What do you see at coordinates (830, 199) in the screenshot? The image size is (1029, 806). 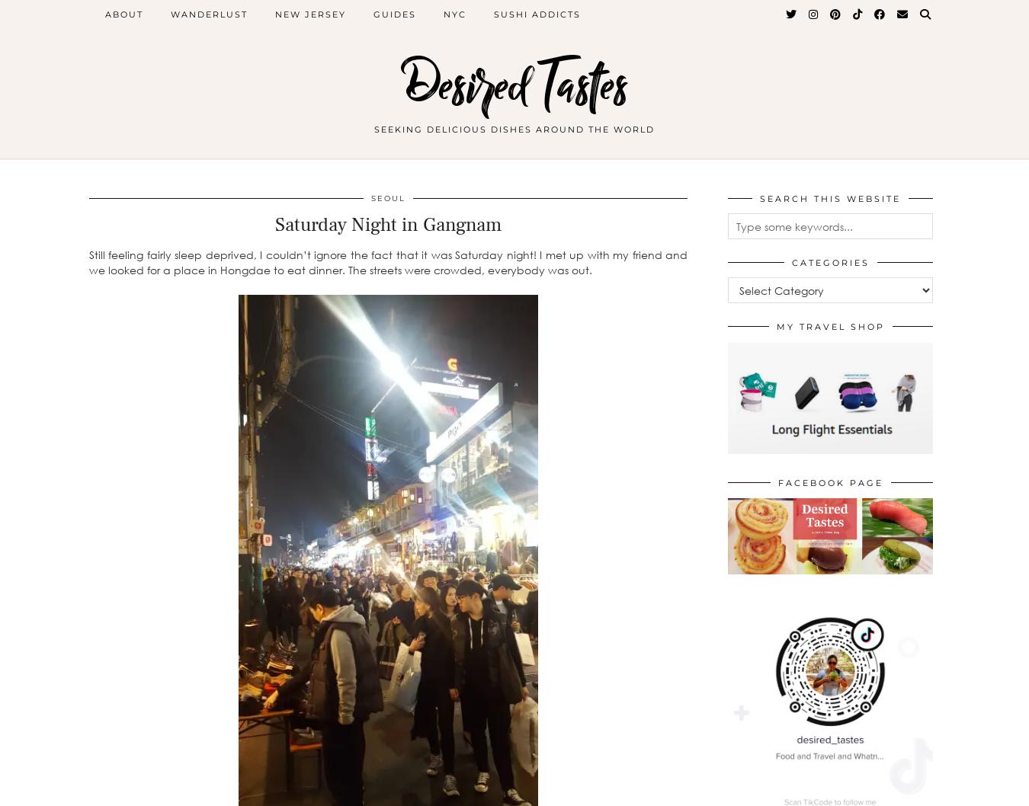 I see `'Search This Website'` at bounding box center [830, 199].